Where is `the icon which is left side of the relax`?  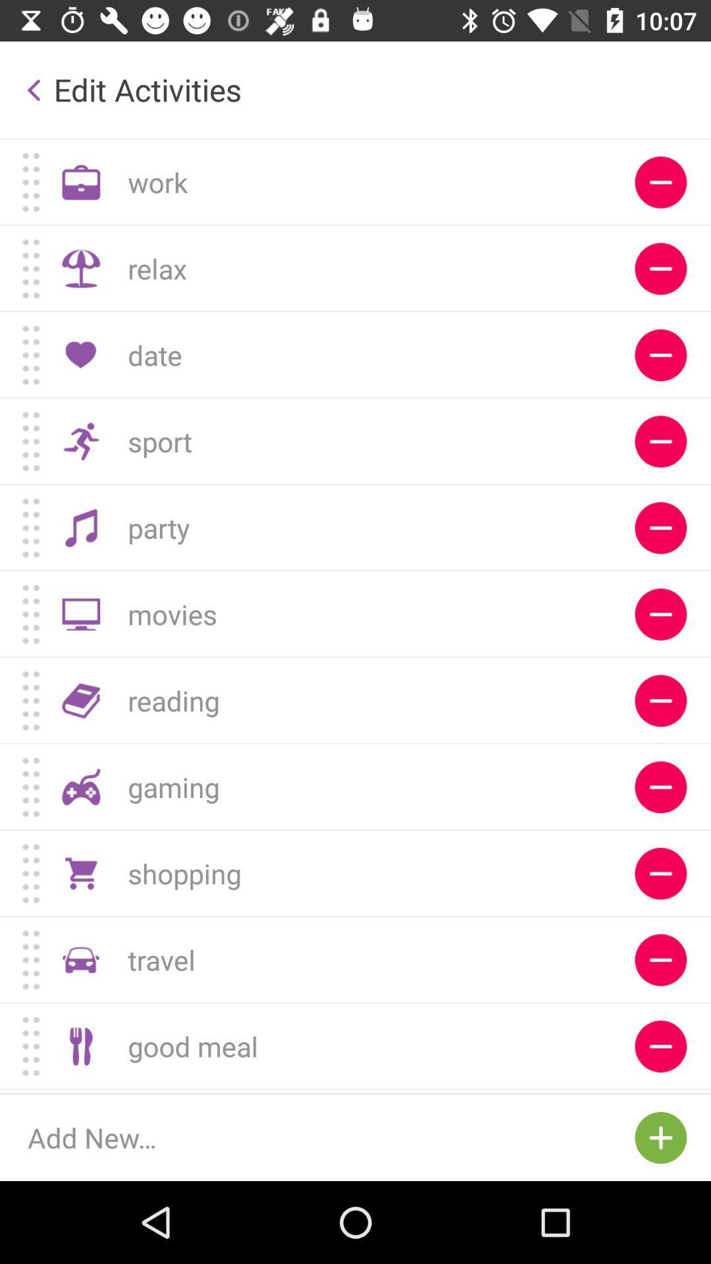 the icon which is left side of the relax is located at coordinates (81, 268).